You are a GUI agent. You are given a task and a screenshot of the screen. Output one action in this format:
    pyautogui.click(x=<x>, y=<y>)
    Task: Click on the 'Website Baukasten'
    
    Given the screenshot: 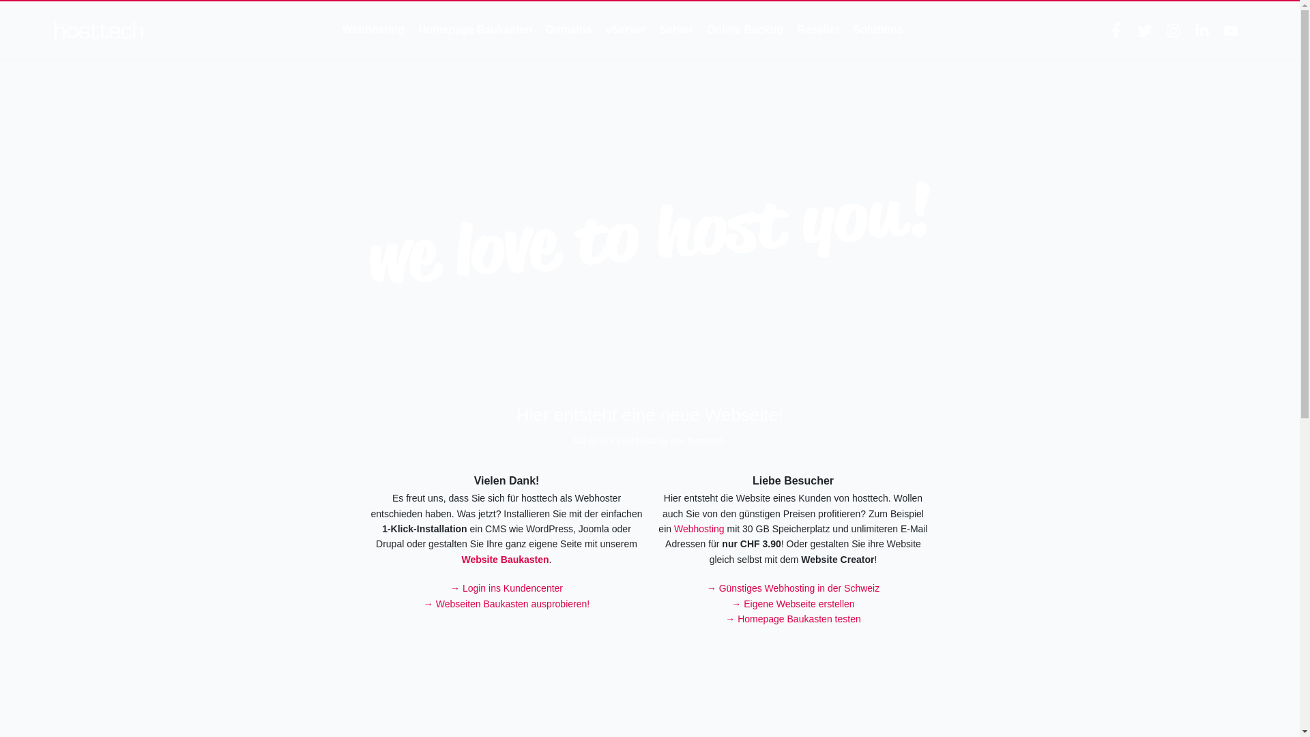 What is the action you would take?
    pyautogui.click(x=504, y=560)
    